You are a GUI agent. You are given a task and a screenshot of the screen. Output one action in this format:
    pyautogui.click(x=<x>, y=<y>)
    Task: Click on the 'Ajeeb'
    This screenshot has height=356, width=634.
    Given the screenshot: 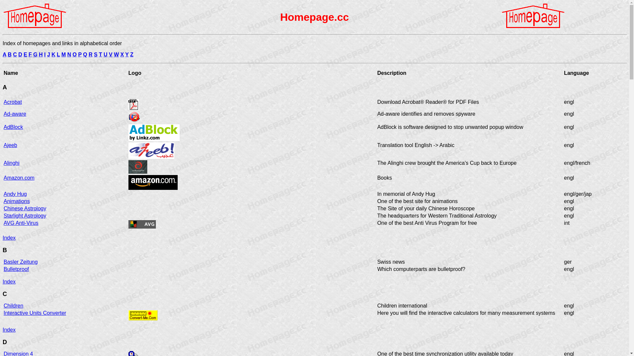 What is the action you would take?
    pyautogui.click(x=10, y=145)
    